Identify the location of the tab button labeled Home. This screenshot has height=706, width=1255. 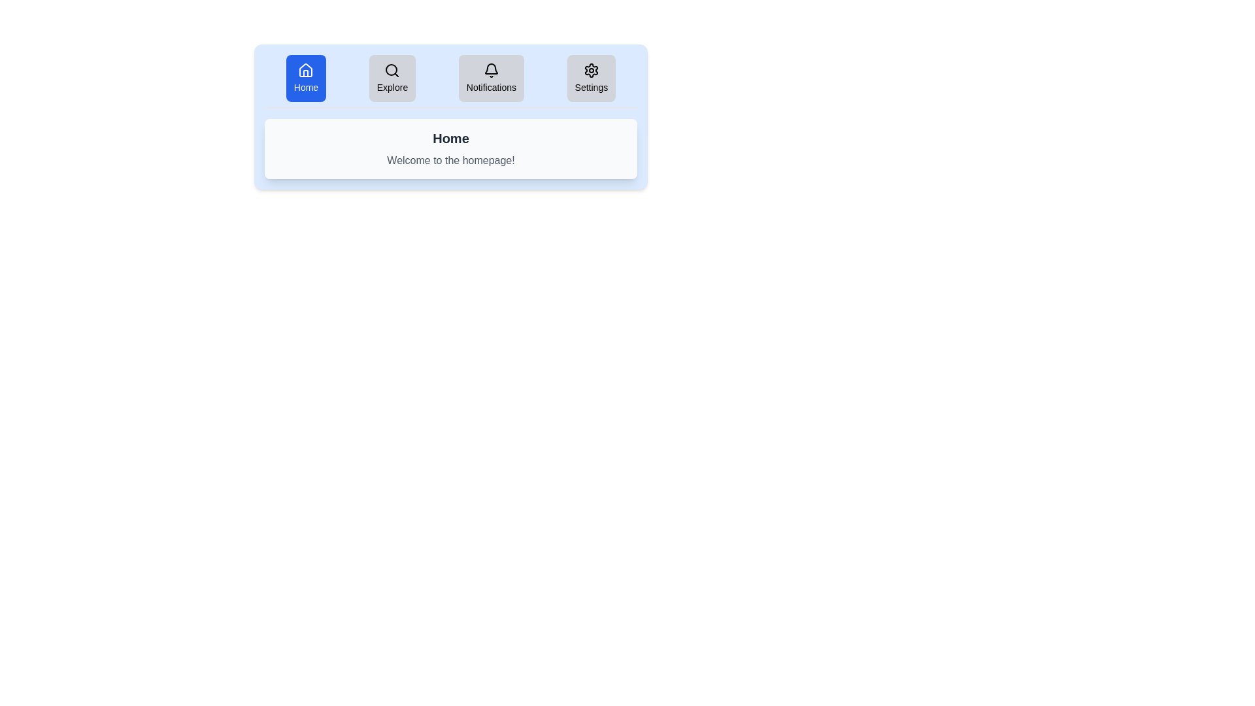
(305, 78).